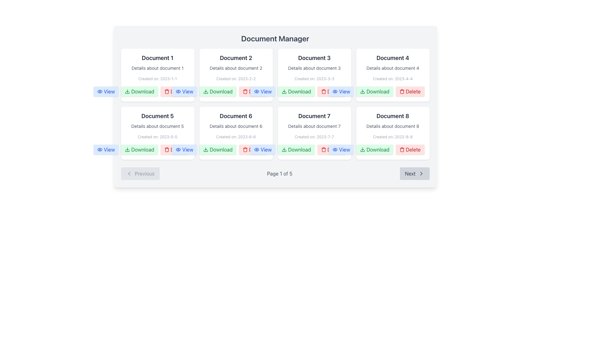  I want to click on the text label displaying the creation date 'Created on: 2023-8-8', which is styled with a gray, small font and positioned below 'Details about document 8' in the card labeled 'Document 8', so click(392, 137).